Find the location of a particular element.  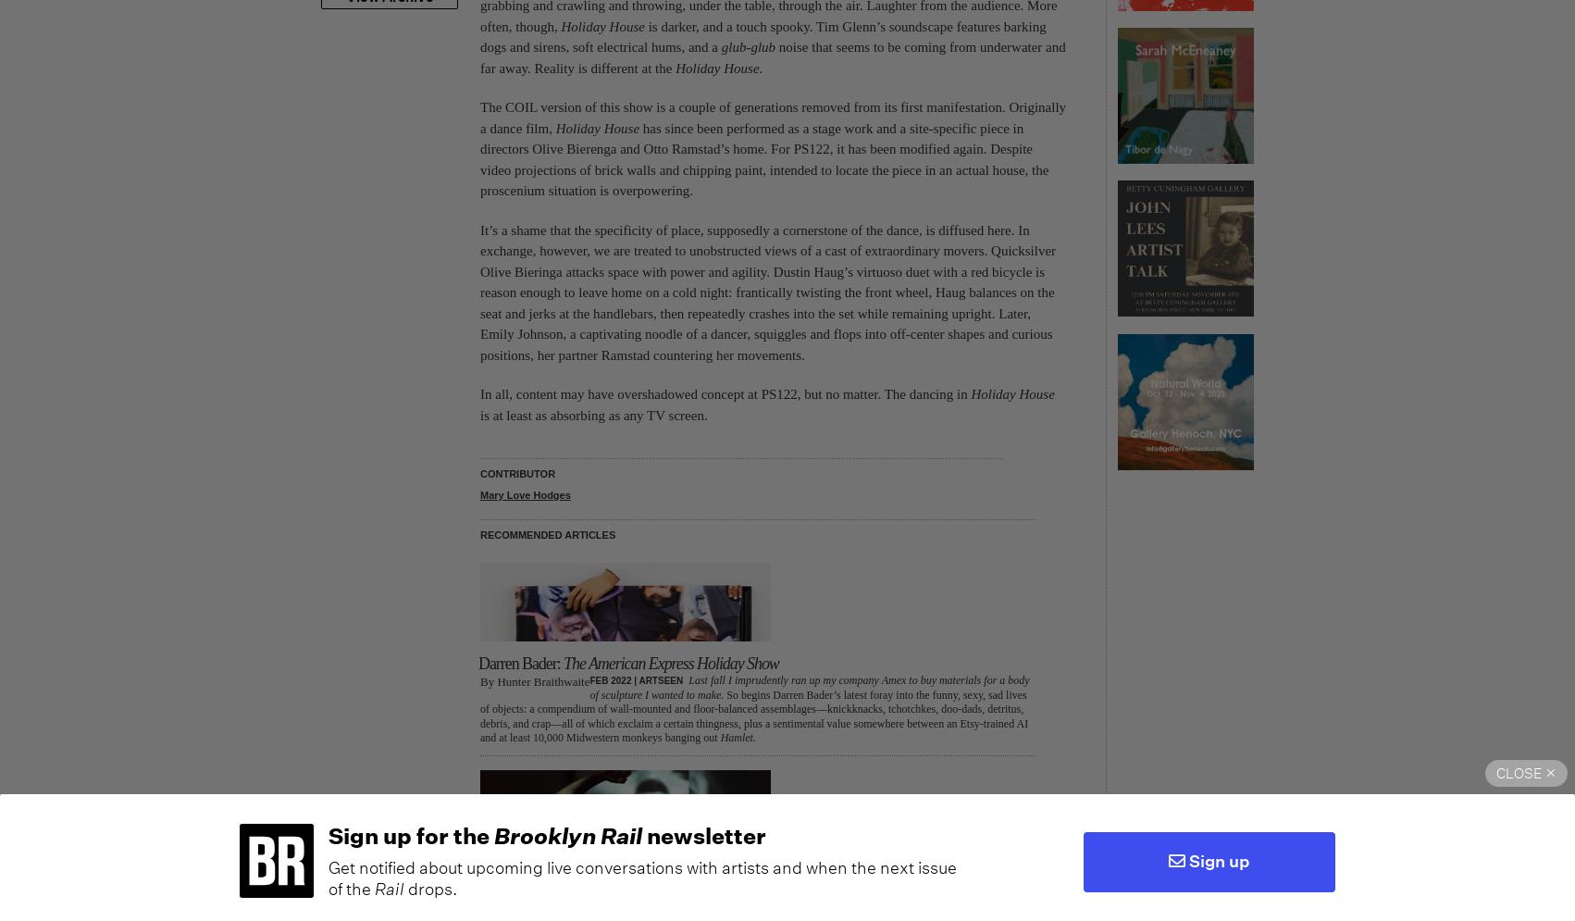

'newsletter' is located at coordinates (702, 833).